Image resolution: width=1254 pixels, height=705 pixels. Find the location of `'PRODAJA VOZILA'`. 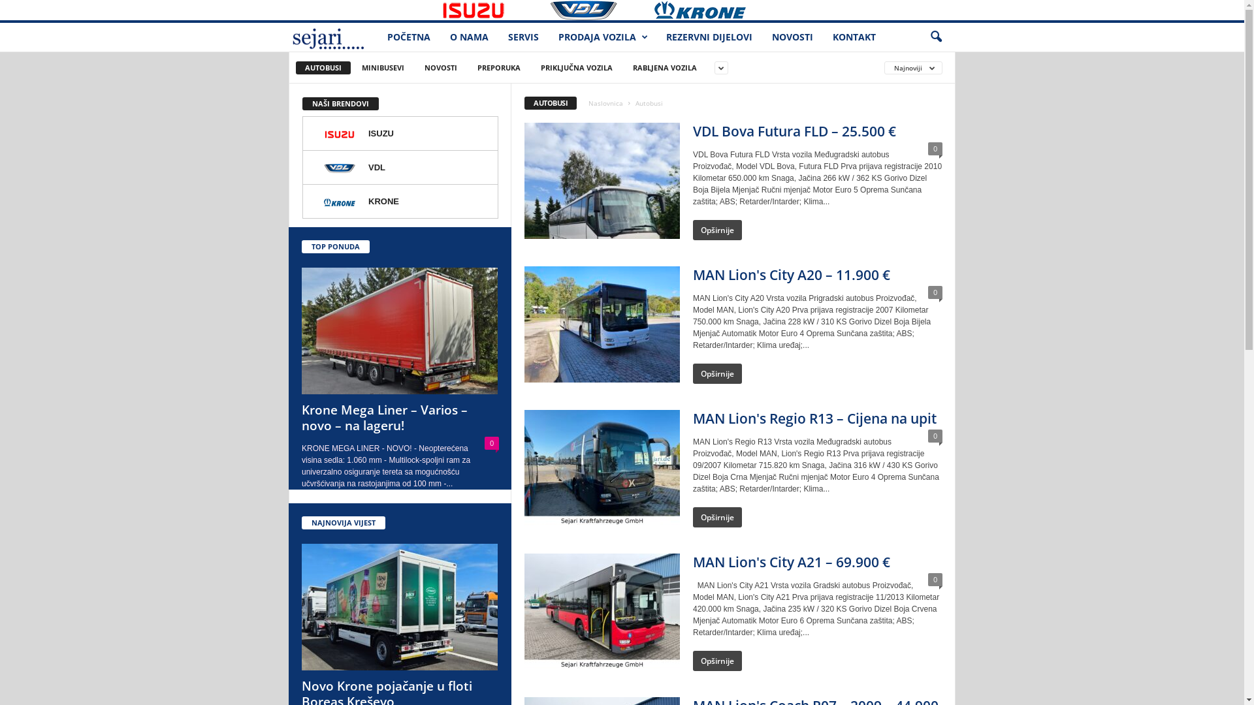

'PRODAJA VOZILA' is located at coordinates (602, 37).